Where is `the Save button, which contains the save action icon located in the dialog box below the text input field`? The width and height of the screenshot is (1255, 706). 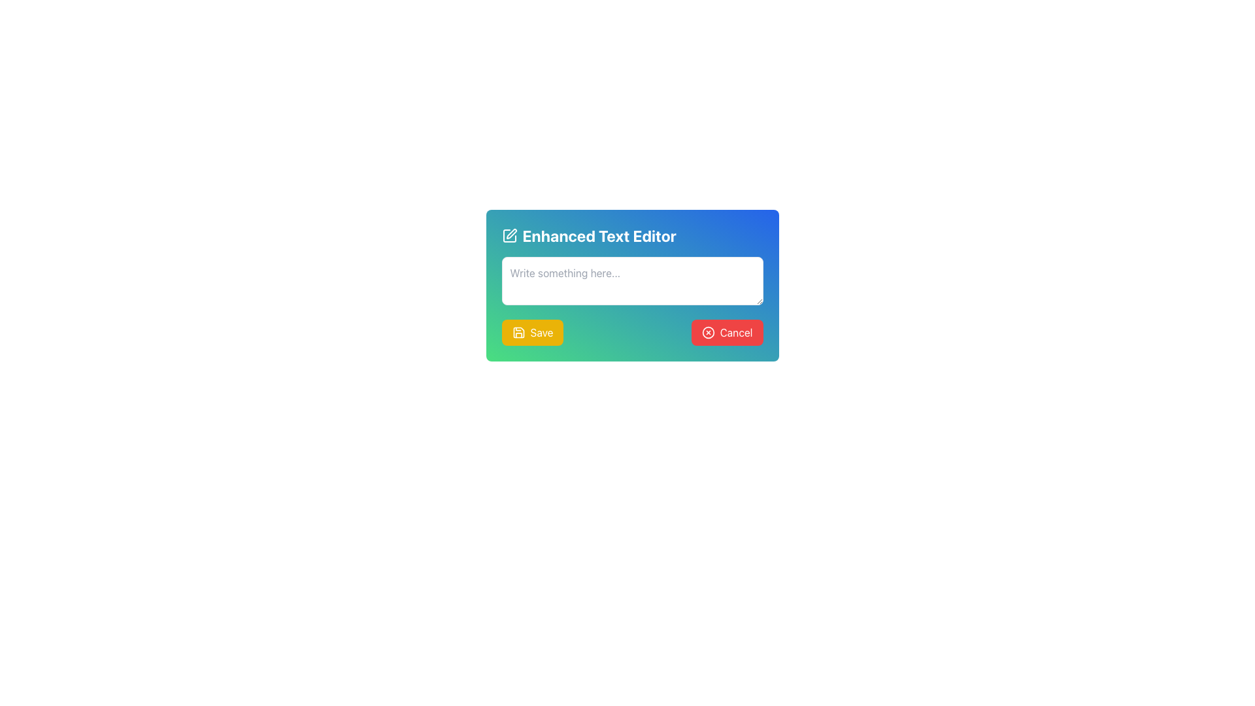 the Save button, which contains the save action icon located in the dialog box below the text input field is located at coordinates (518, 332).